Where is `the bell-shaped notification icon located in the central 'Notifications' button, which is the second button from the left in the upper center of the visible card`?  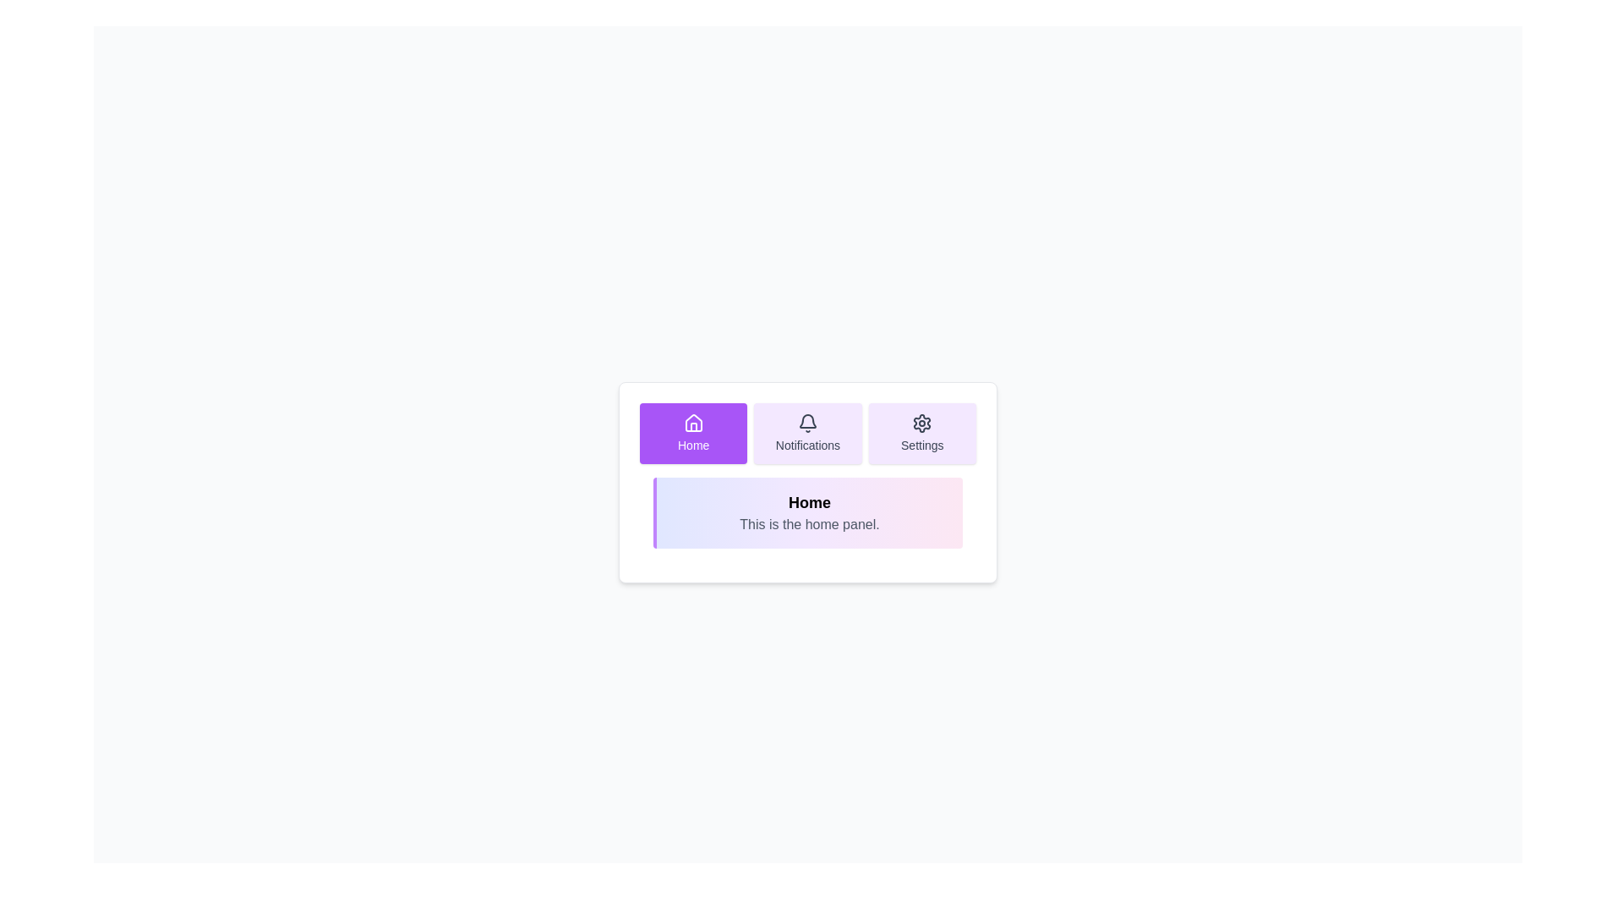
the bell-shaped notification icon located in the central 'Notifications' button, which is the second button from the left in the upper center of the visible card is located at coordinates (806, 420).